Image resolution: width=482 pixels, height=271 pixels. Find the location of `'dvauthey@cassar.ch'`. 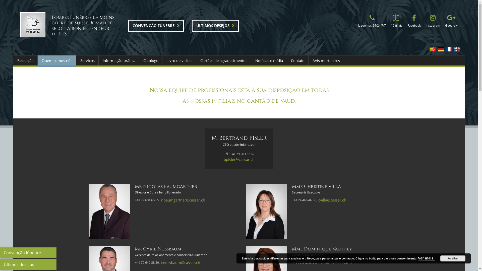

'dvauthey@cassar.ch' is located at coordinates (318, 262).